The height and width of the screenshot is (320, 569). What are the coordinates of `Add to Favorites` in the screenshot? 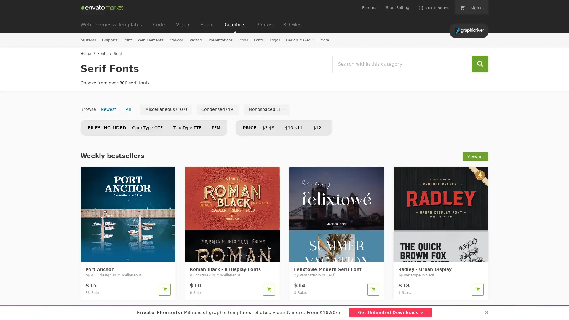 It's located at (167, 253).